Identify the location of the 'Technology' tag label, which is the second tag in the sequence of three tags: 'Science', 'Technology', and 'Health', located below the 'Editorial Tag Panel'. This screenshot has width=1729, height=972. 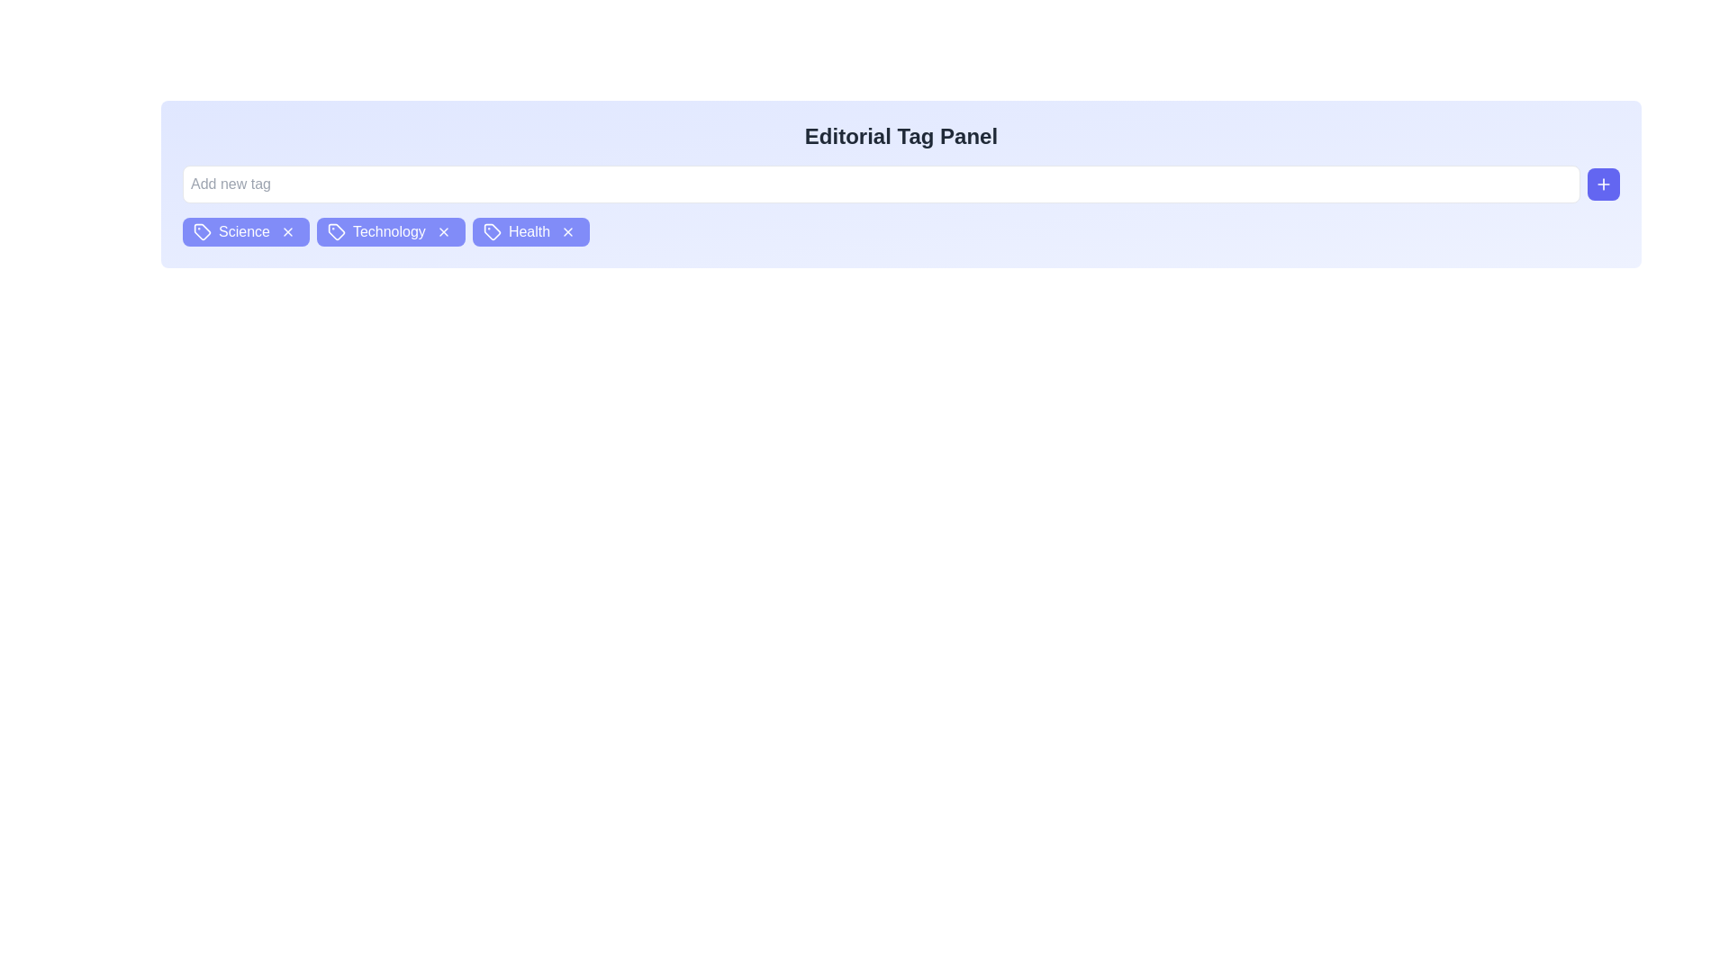
(388, 231).